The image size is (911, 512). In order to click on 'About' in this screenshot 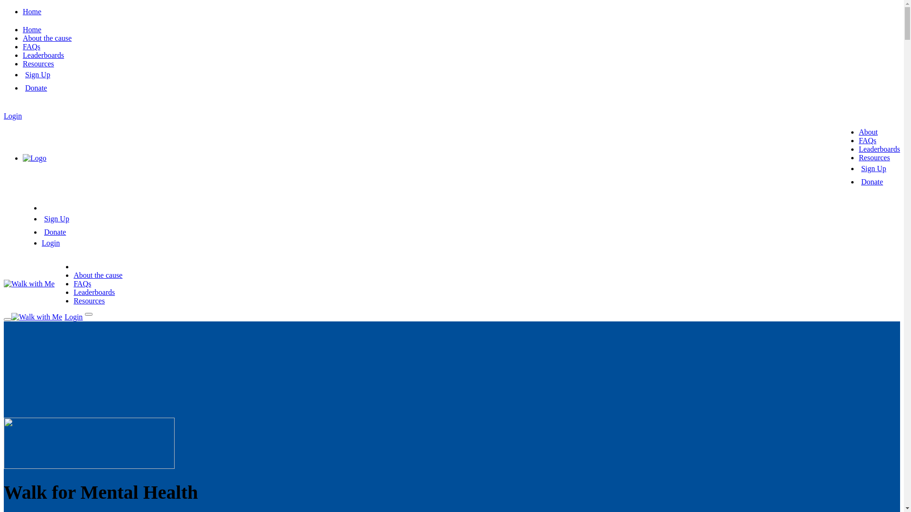, I will do `click(868, 132)`.